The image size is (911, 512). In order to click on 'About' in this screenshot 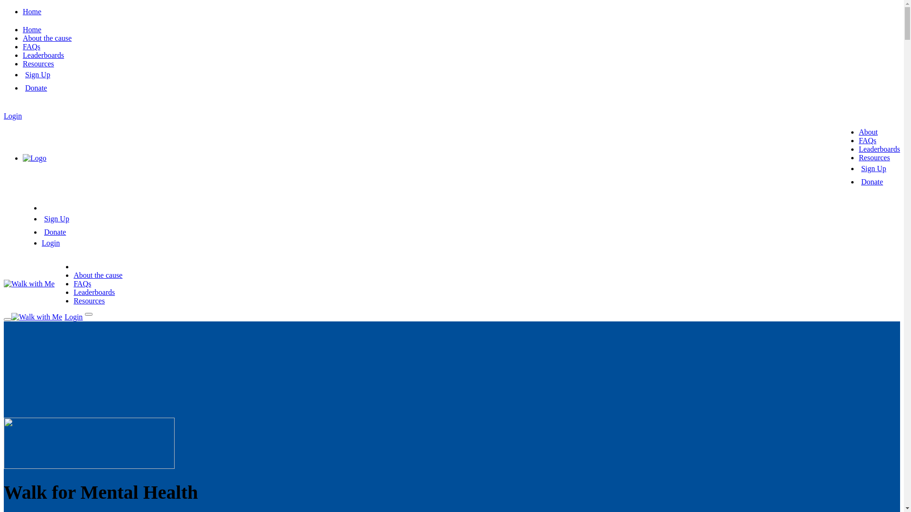, I will do `click(868, 132)`.